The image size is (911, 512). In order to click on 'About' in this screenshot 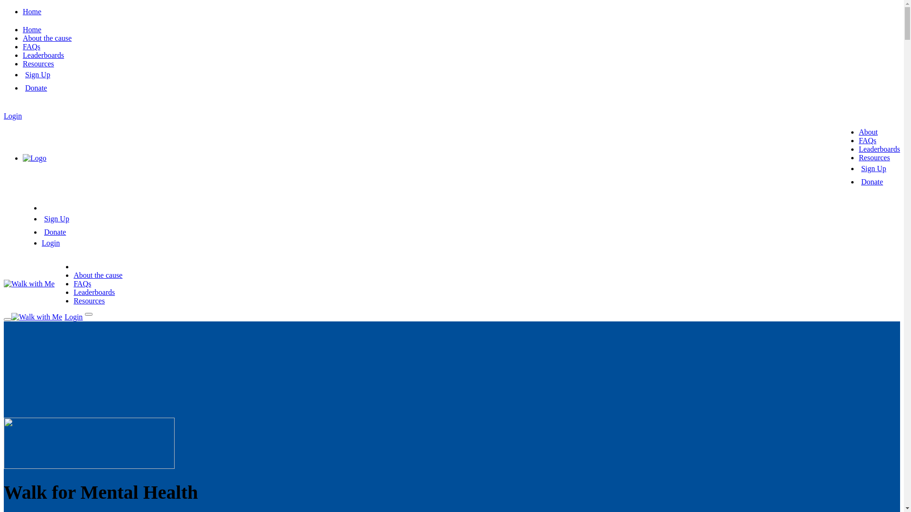, I will do `click(868, 132)`.